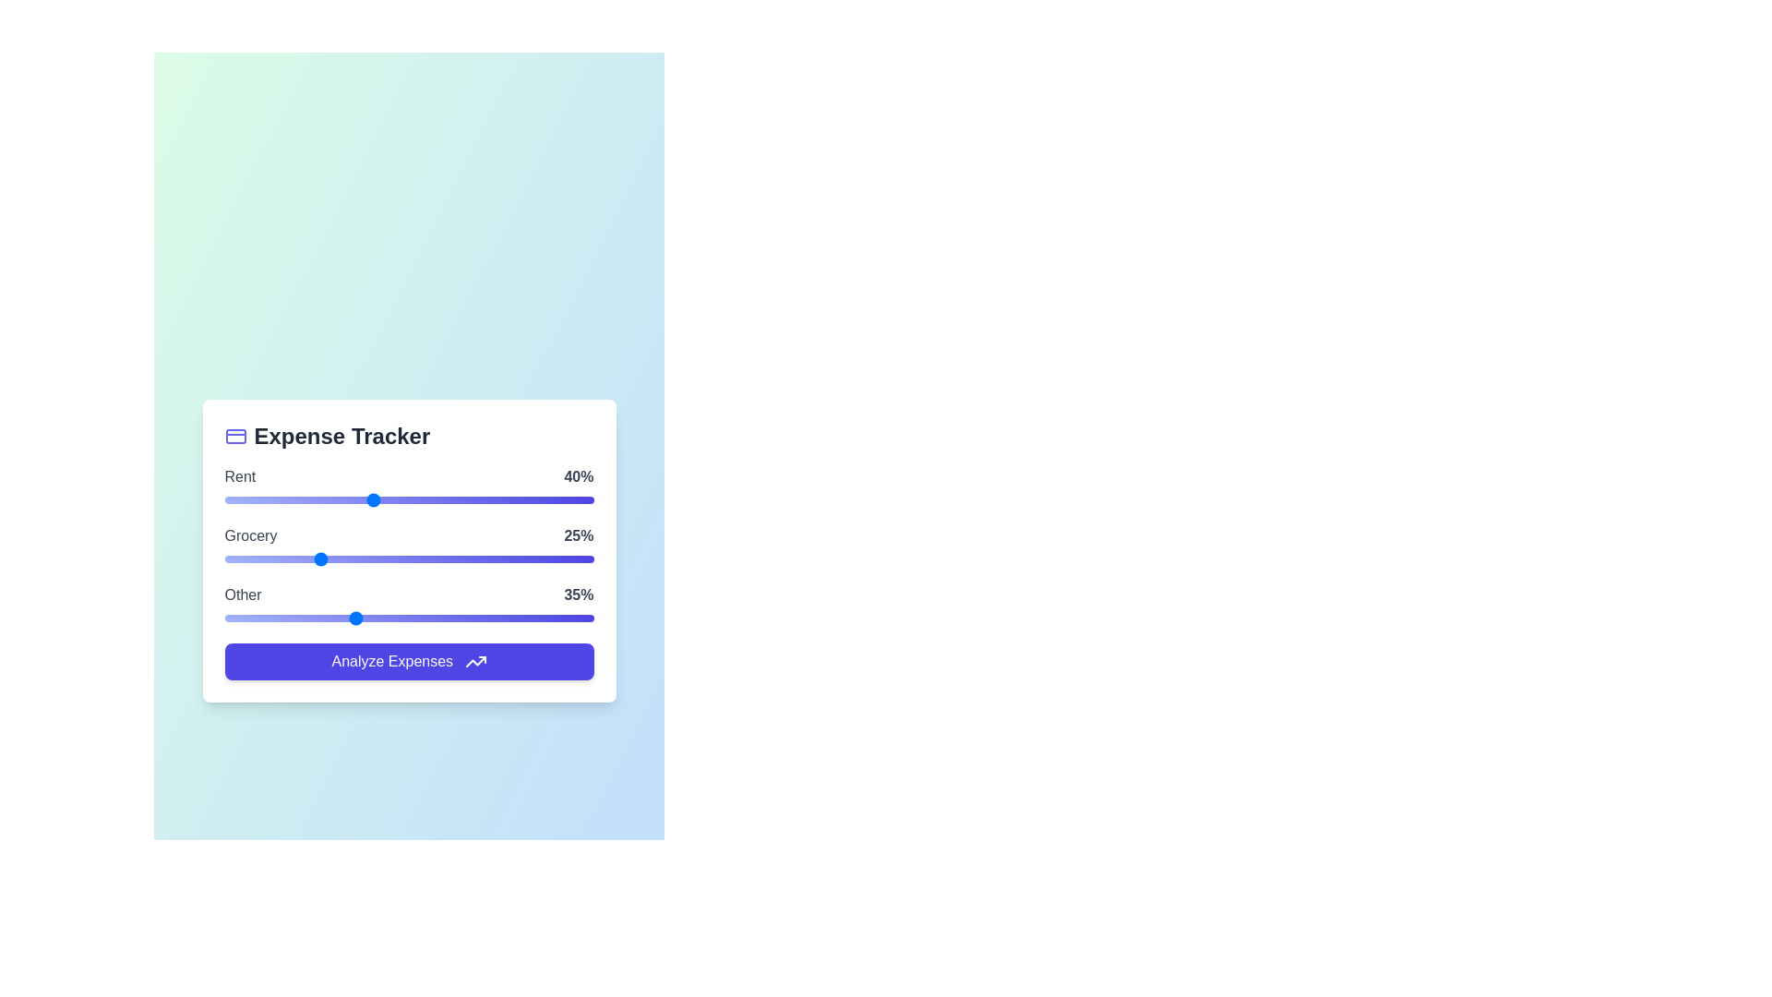 This screenshot has height=997, width=1772. I want to click on the 'Other' slider to 10%, so click(260, 618).